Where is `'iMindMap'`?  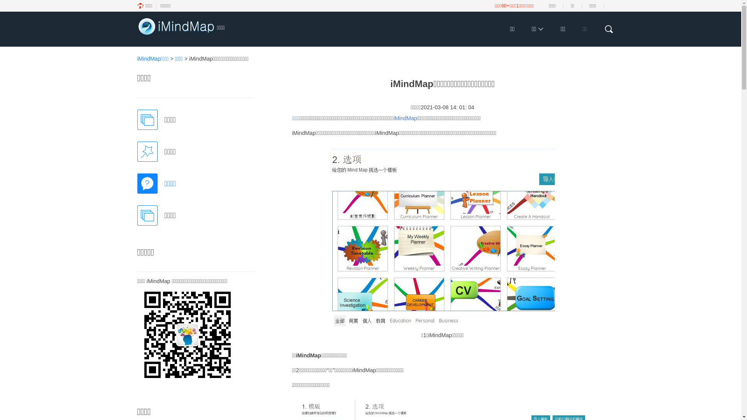 'iMindMap' is located at coordinates (405, 118).